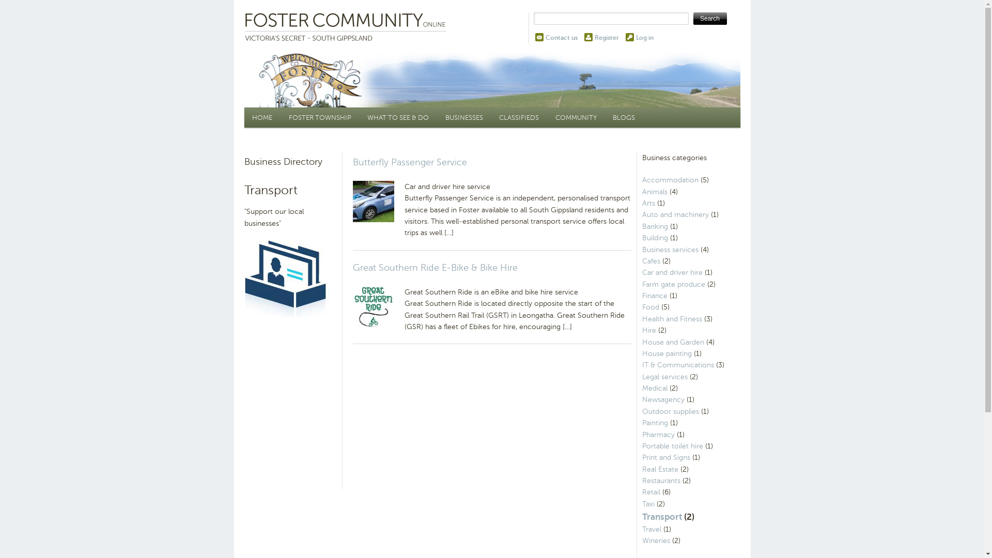 This screenshot has height=558, width=992. Describe the element at coordinates (641, 529) in the screenshot. I see `'Travel'` at that location.